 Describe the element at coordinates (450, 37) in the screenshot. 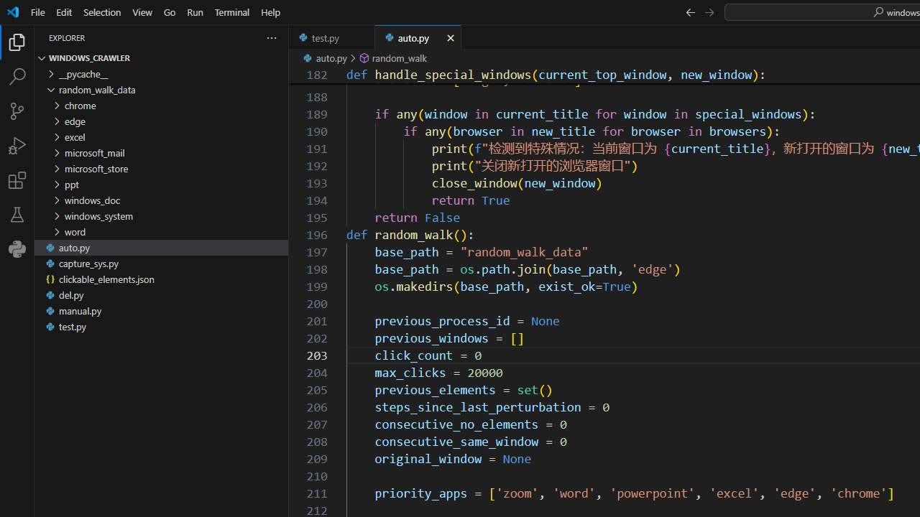

I see `'Close (Ctrl+F4)'` at that location.